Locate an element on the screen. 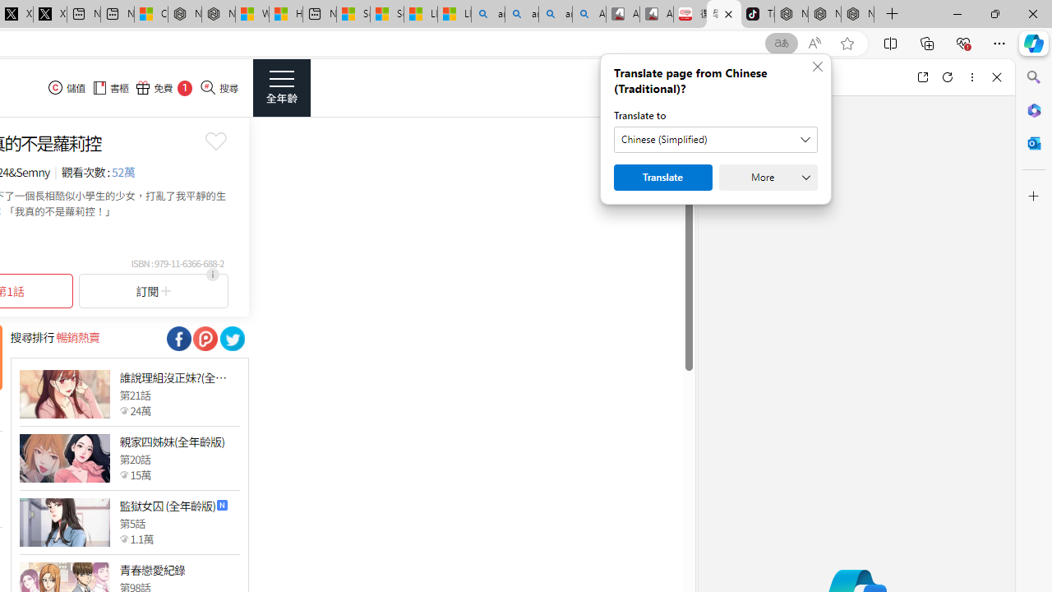 This screenshot has width=1052, height=592. 'Outlook' is located at coordinates (1033, 142).